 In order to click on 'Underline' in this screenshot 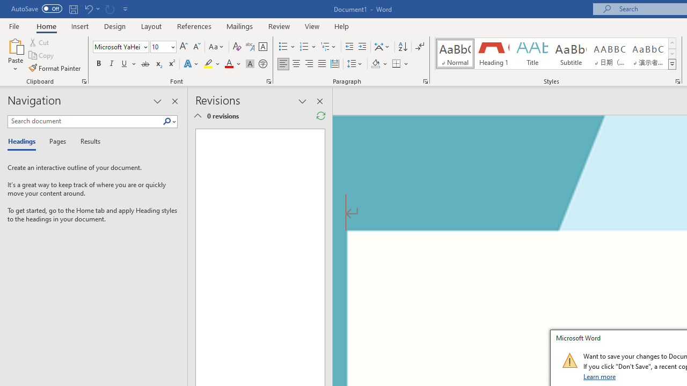, I will do `click(125, 64)`.